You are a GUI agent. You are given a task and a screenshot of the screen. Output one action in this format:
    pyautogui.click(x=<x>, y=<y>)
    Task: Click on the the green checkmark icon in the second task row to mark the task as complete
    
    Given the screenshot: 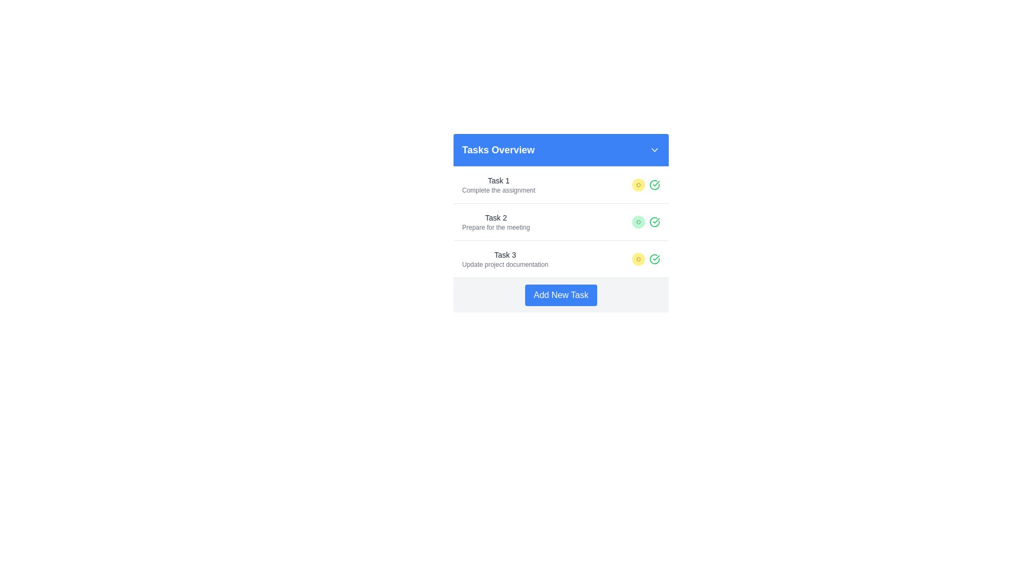 What is the action you would take?
    pyautogui.click(x=654, y=221)
    